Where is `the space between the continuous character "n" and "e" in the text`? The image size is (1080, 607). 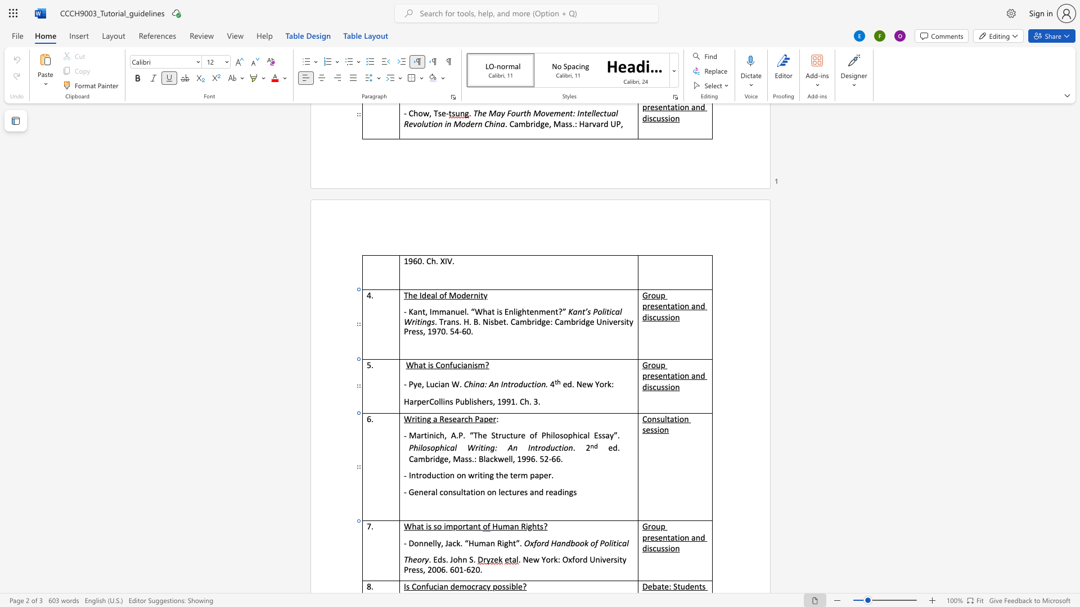
the space between the continuous character "n" and "e" in the text is located at coordinates (427, 542).